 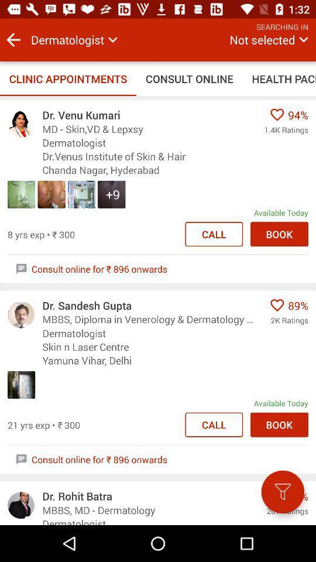 I want to click on the filter icon, so click(x=282, y=492).